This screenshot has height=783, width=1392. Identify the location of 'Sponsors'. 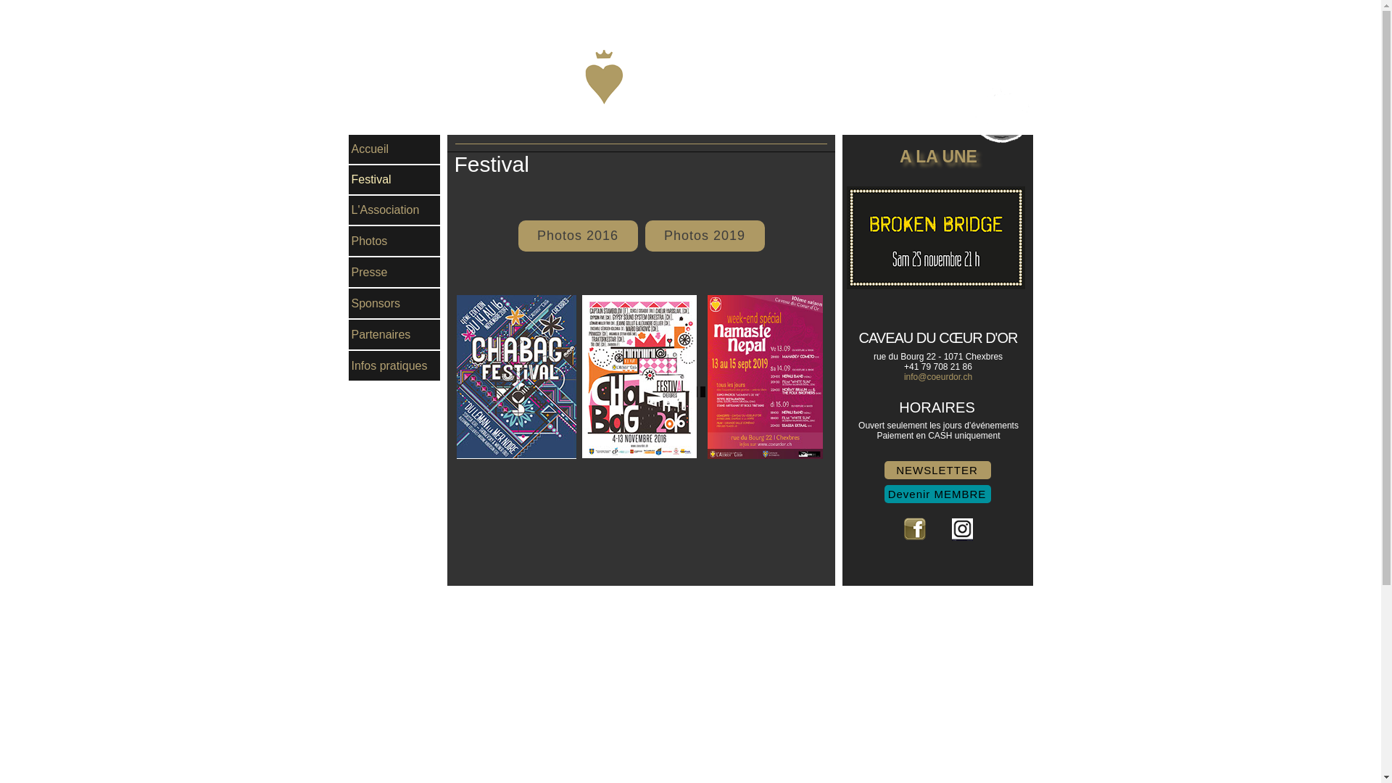
(348, 302).